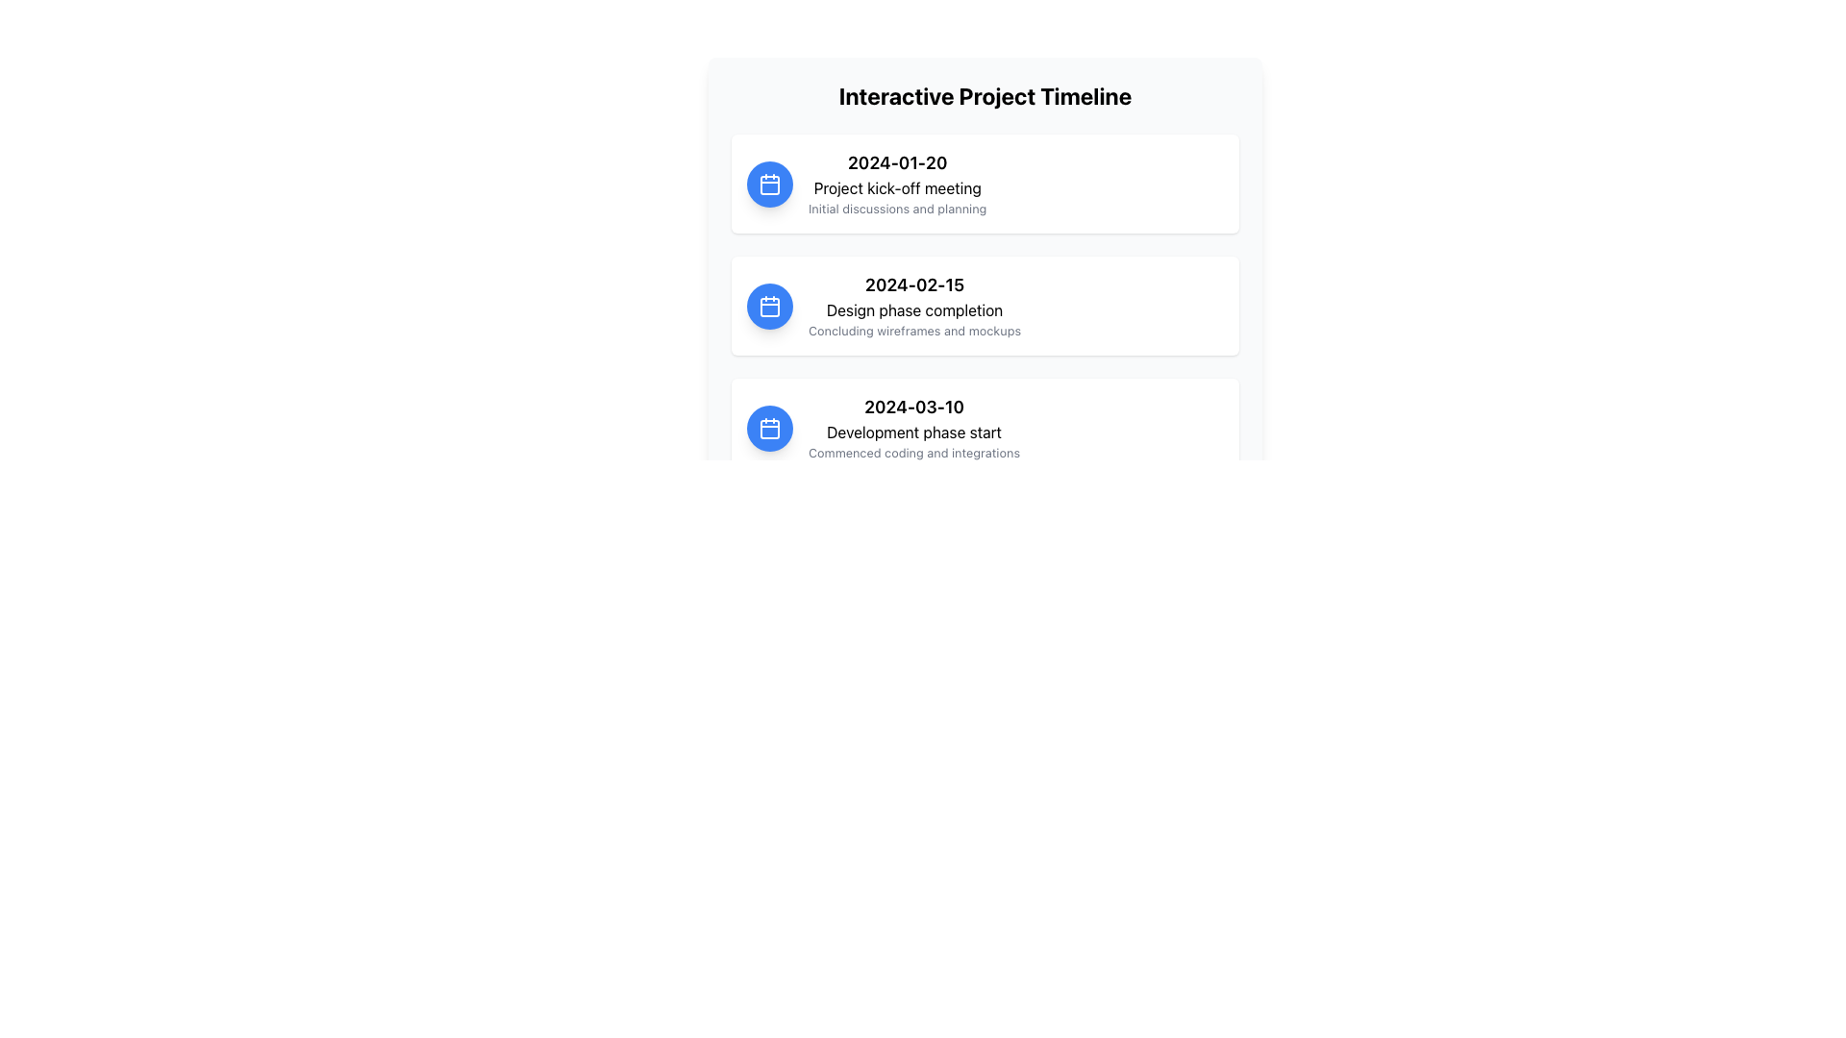 The image size is (1846, 1038). What do you see at coordinates (913, 309) in the screenshot?
I see `text element that displays 'Design phase completion', which is bold and underlined, positioned below the date '2024-02-15' and above the description 'Concluding wireframes and mockups'` at bounding box center [913, 309].